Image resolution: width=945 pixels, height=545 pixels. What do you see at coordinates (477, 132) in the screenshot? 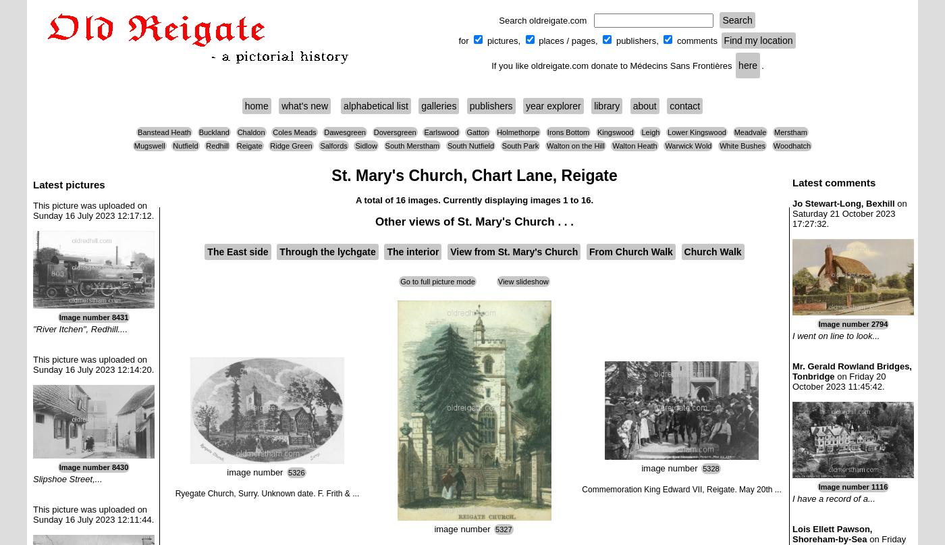
I see `'Gatton'` at bounding box center [477, 132].